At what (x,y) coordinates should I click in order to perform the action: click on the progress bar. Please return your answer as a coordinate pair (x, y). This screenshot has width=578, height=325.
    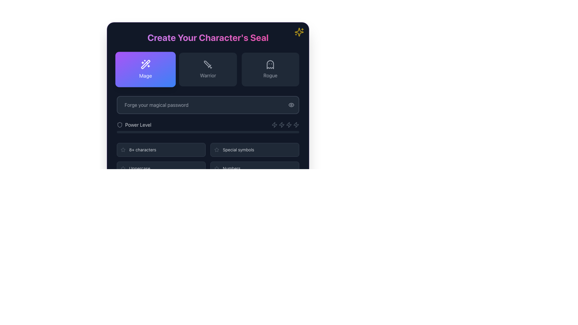
    Looking at the image, I should click on (257, 132).